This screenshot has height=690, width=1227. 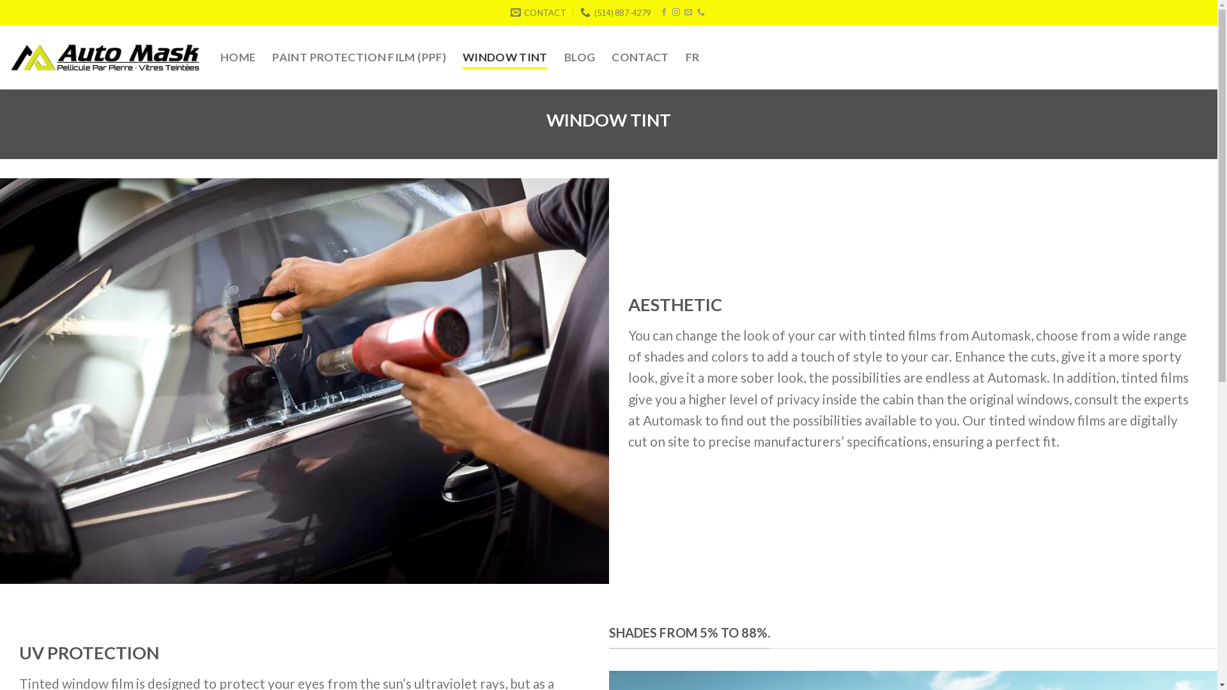 I want to click on 'FR', so click(x=685, y=56).